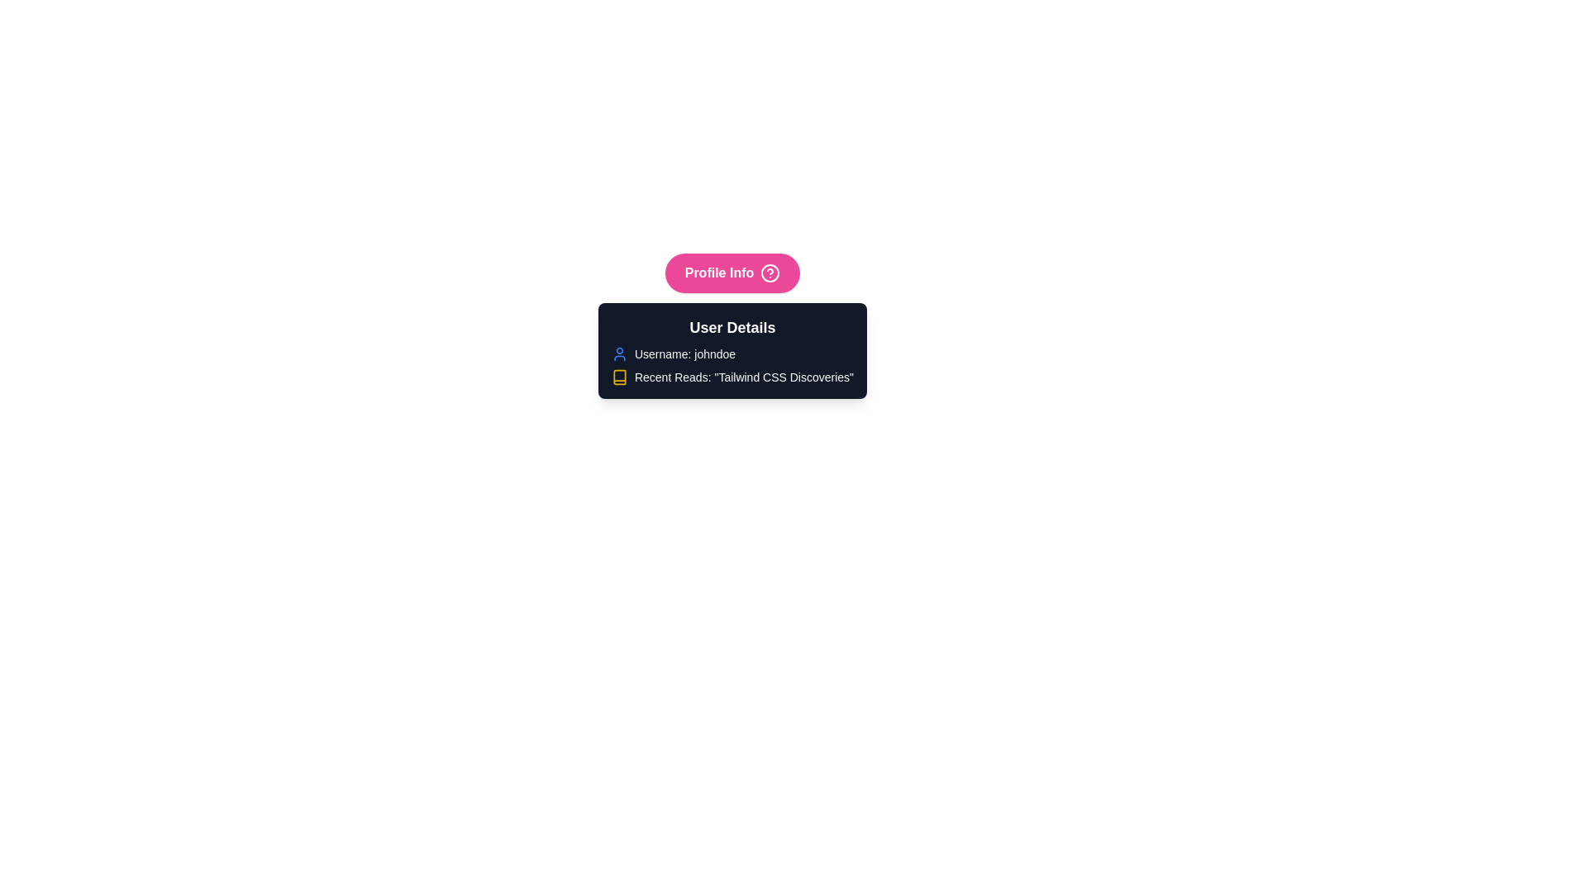 The image size is (1587, 892). What do you see at coordinates (732, 273) in the screenshot?
I see `the rounded rectangular button with a bright pink background that reads 'Profile Info' to observe style changes` at bounding box center [732, 273].